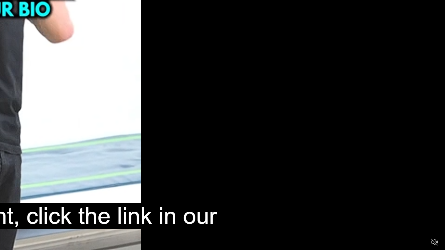  I want to click on 'Unmute', so click(434, 241).